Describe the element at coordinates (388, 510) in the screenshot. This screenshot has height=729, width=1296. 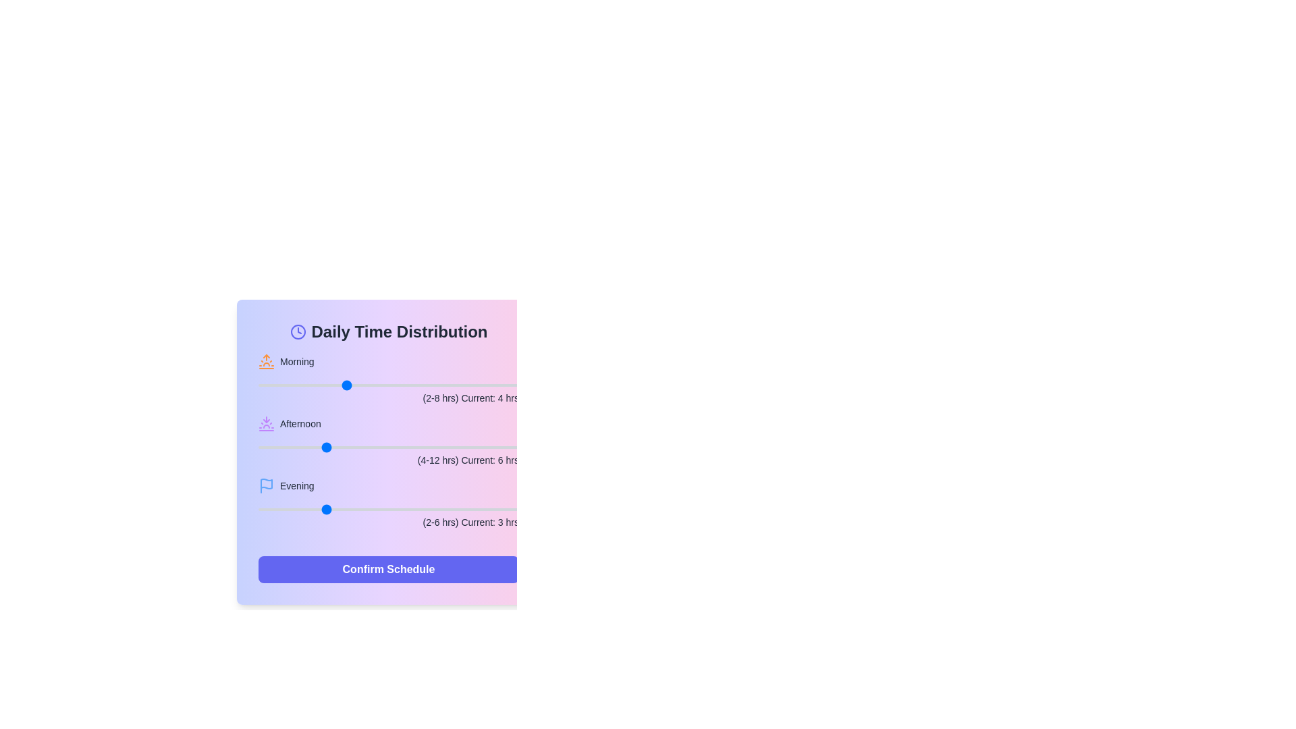
I see `the evening time allocation` at that location.